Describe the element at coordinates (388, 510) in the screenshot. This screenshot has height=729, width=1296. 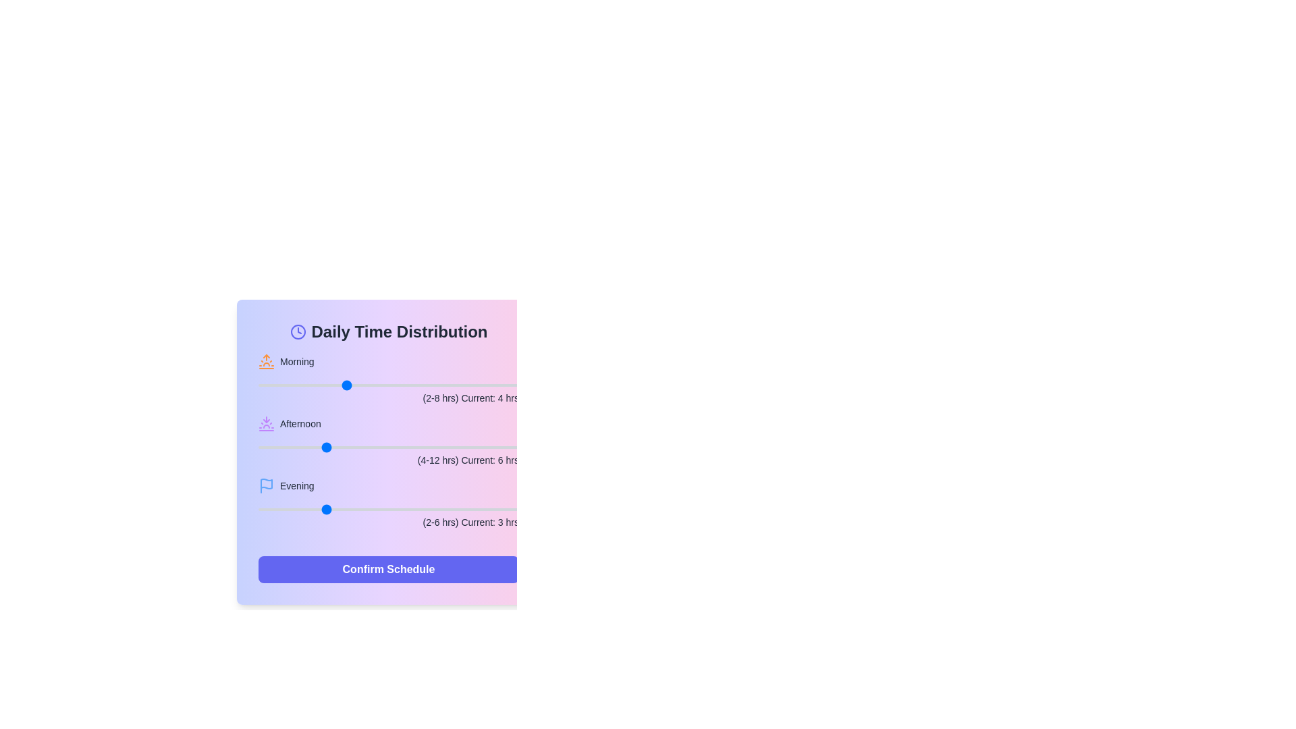
I see `the evening time allocation` at that location.